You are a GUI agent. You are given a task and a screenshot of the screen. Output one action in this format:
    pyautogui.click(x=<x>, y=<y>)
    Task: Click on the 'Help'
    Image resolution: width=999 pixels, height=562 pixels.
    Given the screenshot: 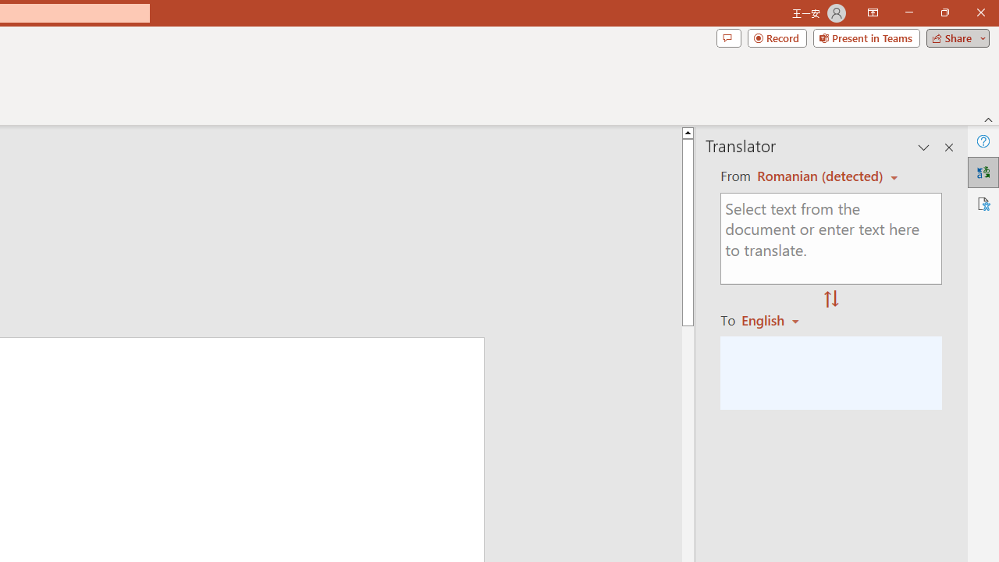 What is the action you would take?
    pyautogui.click(x=983, y=141)
    